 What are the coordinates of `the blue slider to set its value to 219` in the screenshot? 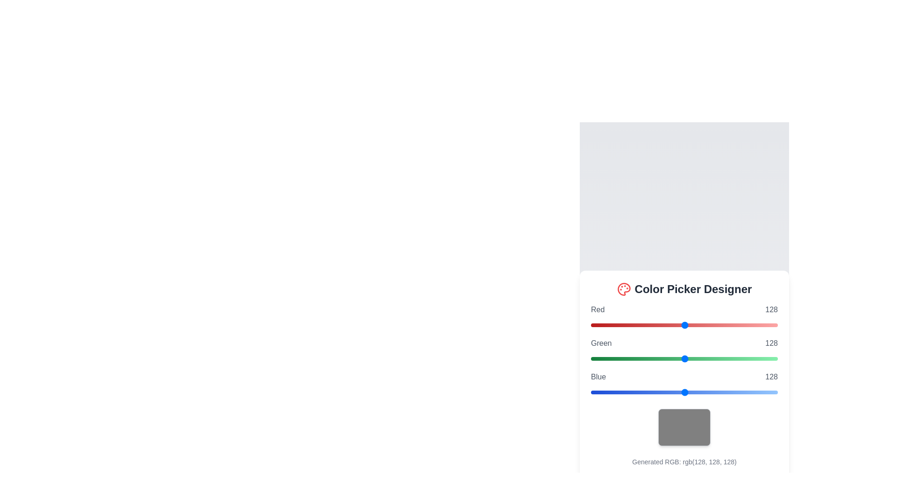 It's located at (751, 392).